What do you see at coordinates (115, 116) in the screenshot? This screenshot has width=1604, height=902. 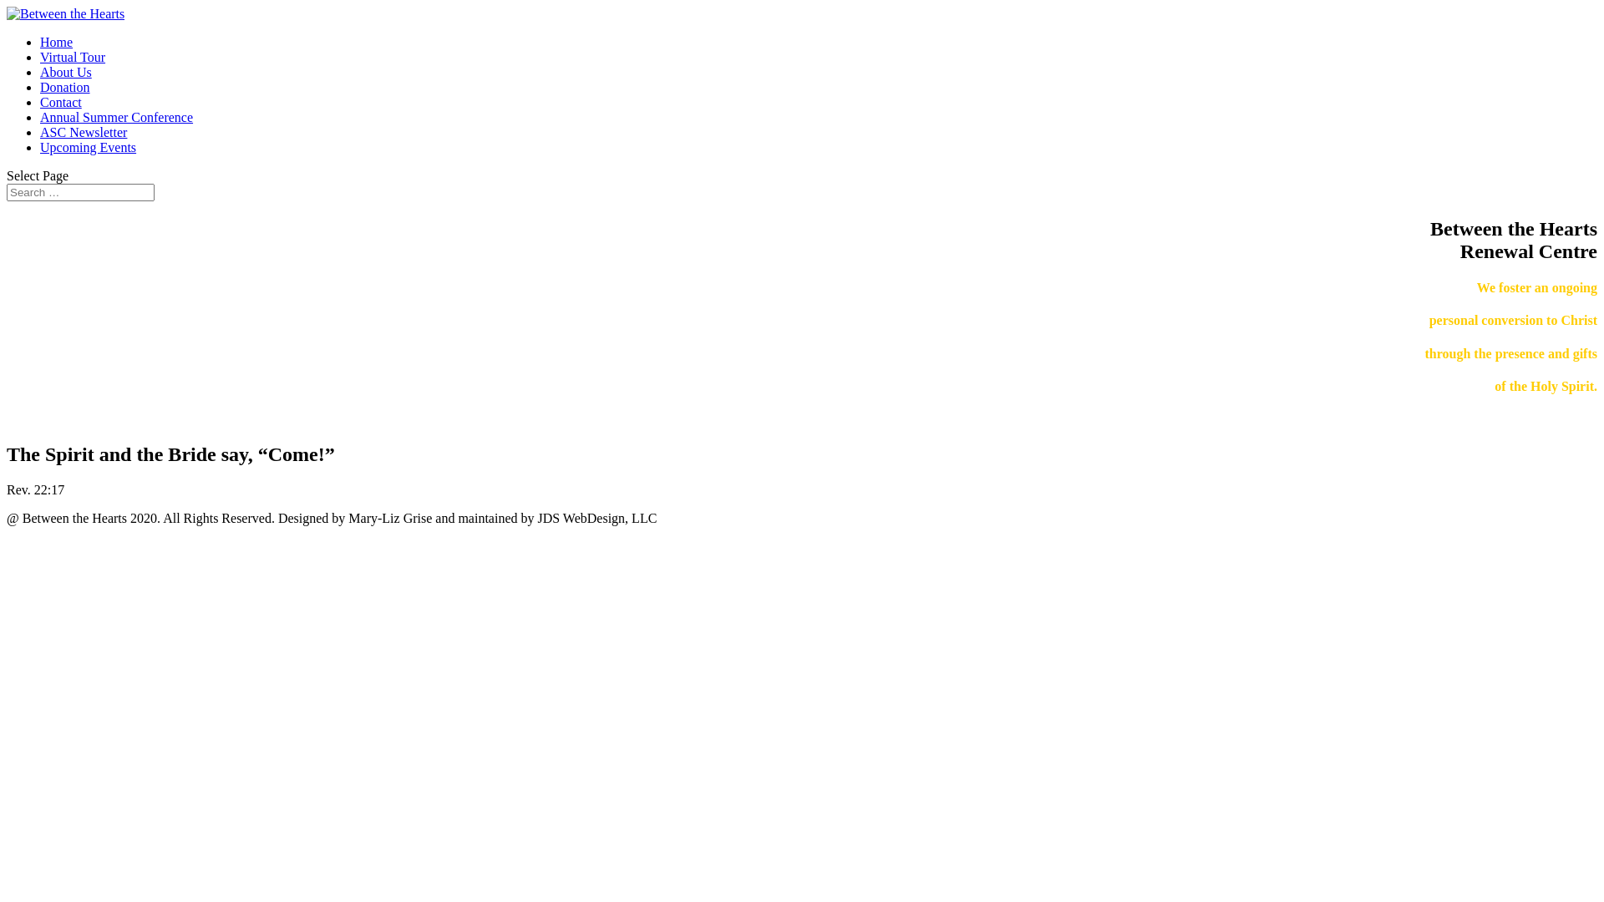 I see `'Annual Summer Conference'` at bounding box center [115, 116].